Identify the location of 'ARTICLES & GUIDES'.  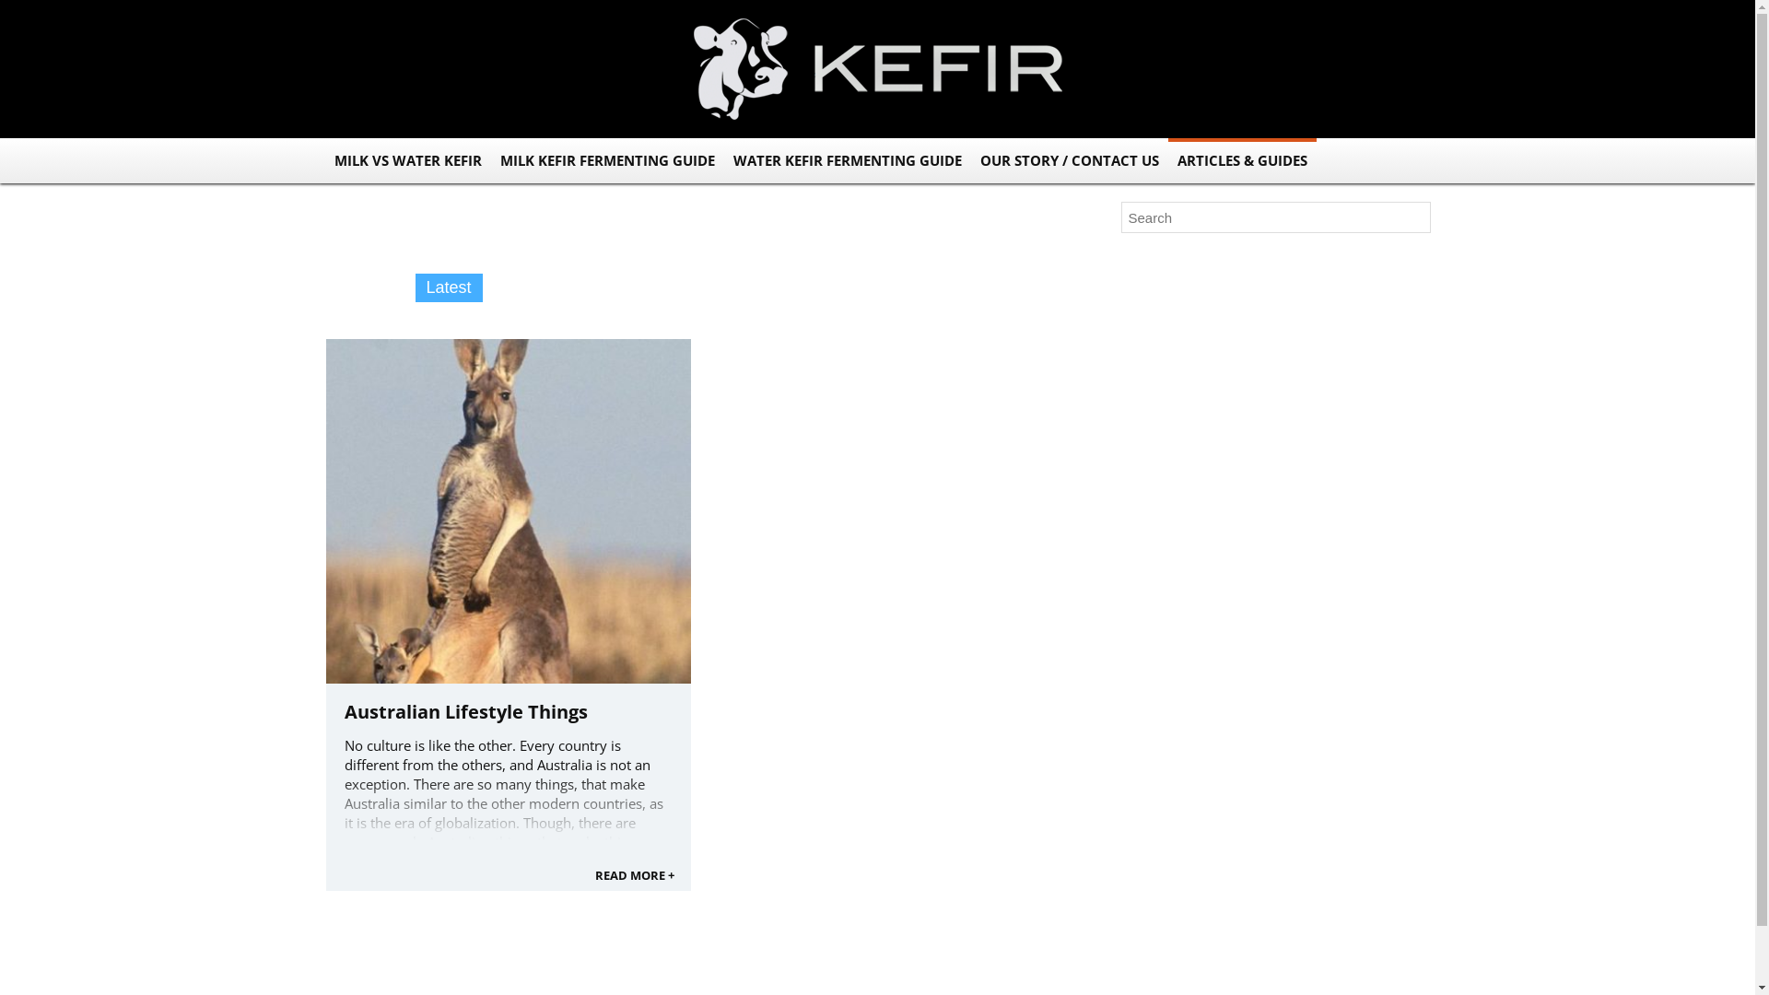
(1242, 159).